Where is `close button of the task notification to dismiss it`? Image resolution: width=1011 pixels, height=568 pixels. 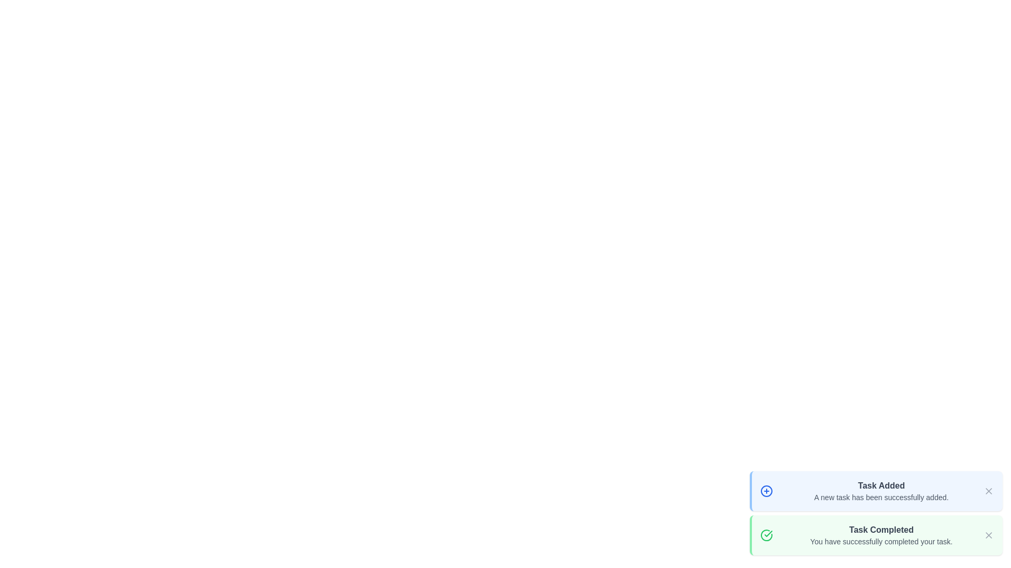 close button of the task notification to dismiss it is located at coordinates (988, 491).